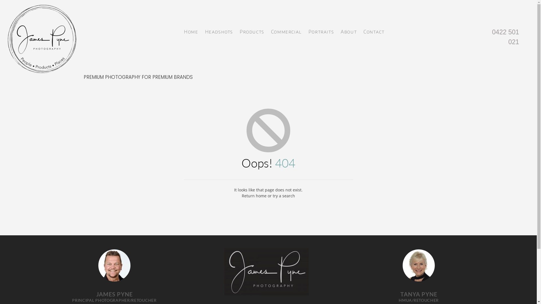  I want to click on 'Commercial', so click(286, 30).